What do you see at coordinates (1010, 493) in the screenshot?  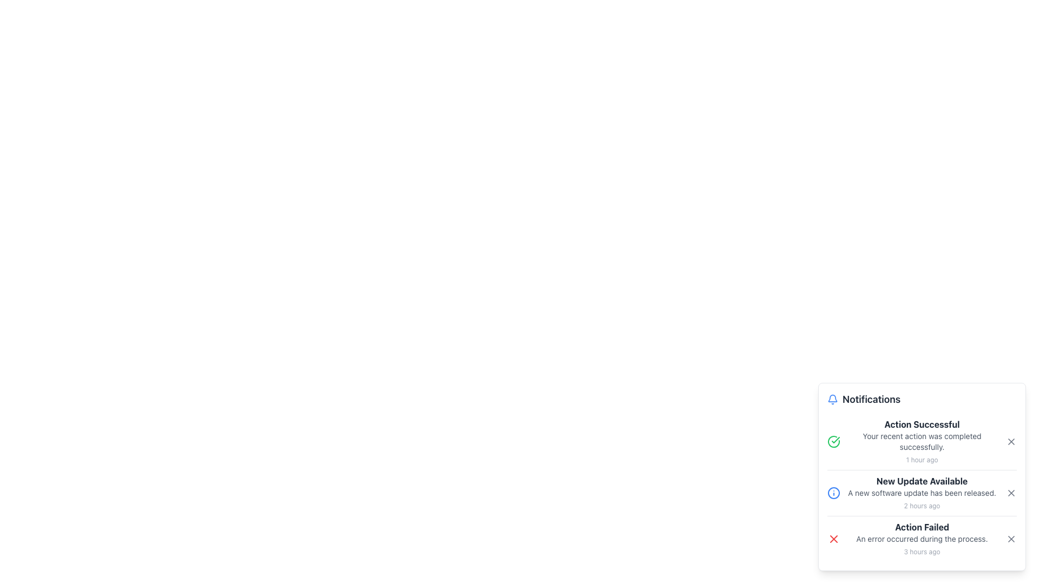 I see `the grey dismissal button with an 'X' symbol` at bounding box center [1010, 493].